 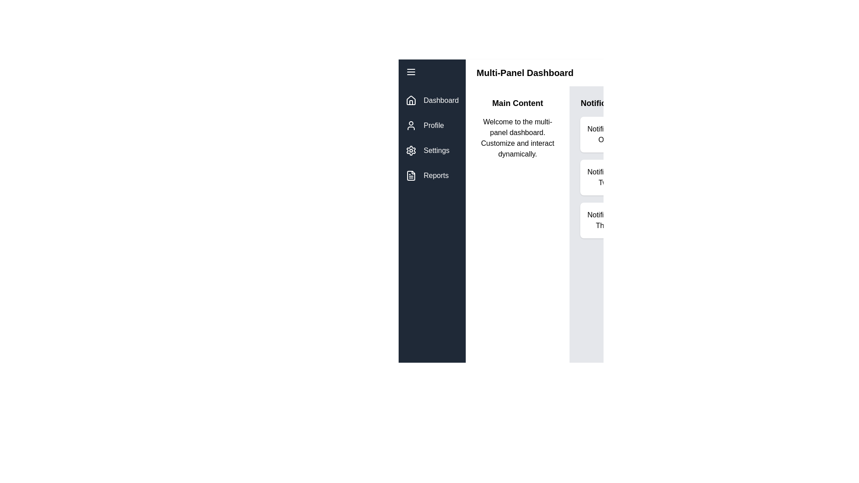 What do you see at coordinates (432, 150) in the screenshot?
I see `the third menu item in the vertical sidebar navigation menu` at bounding box center [432, 150].